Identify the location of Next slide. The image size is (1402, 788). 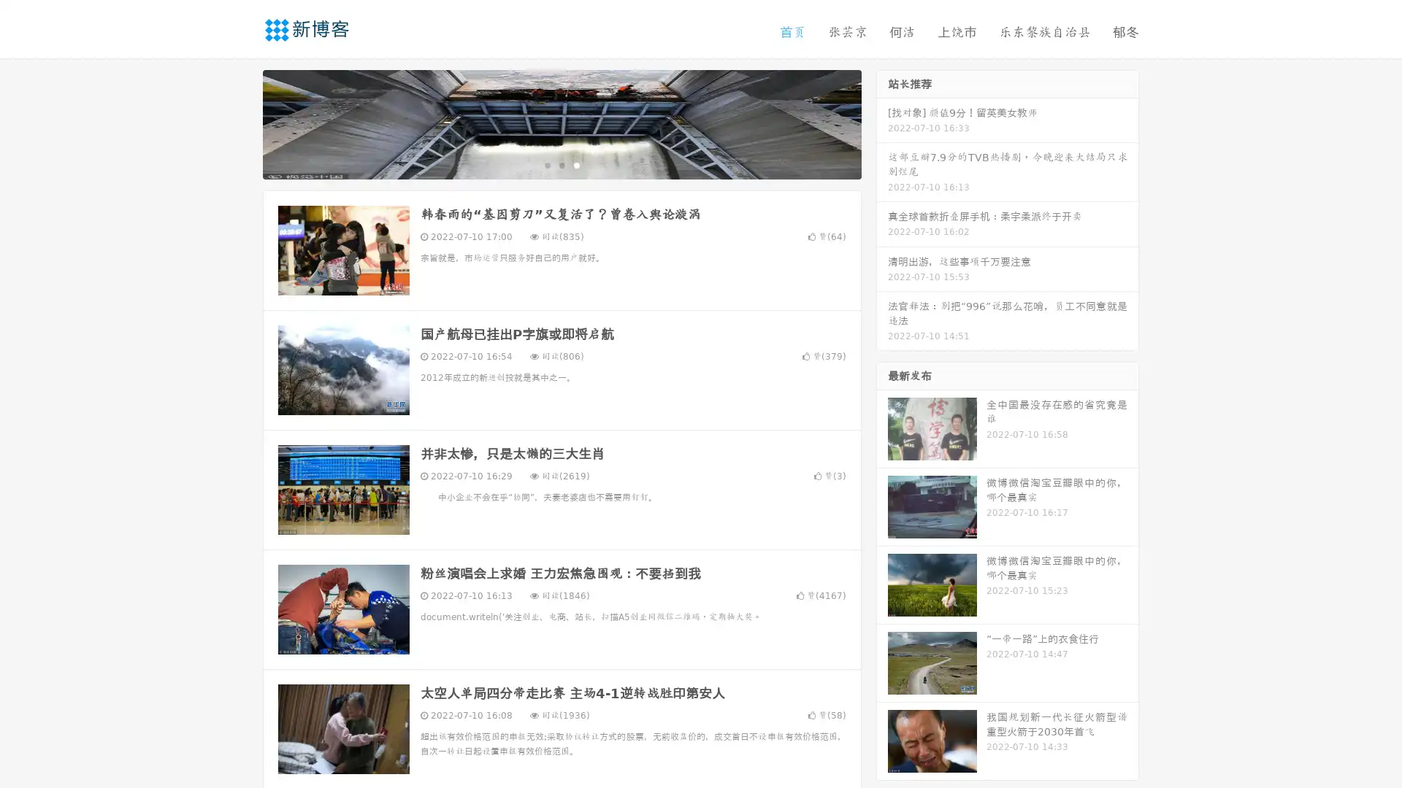
(882, 123).